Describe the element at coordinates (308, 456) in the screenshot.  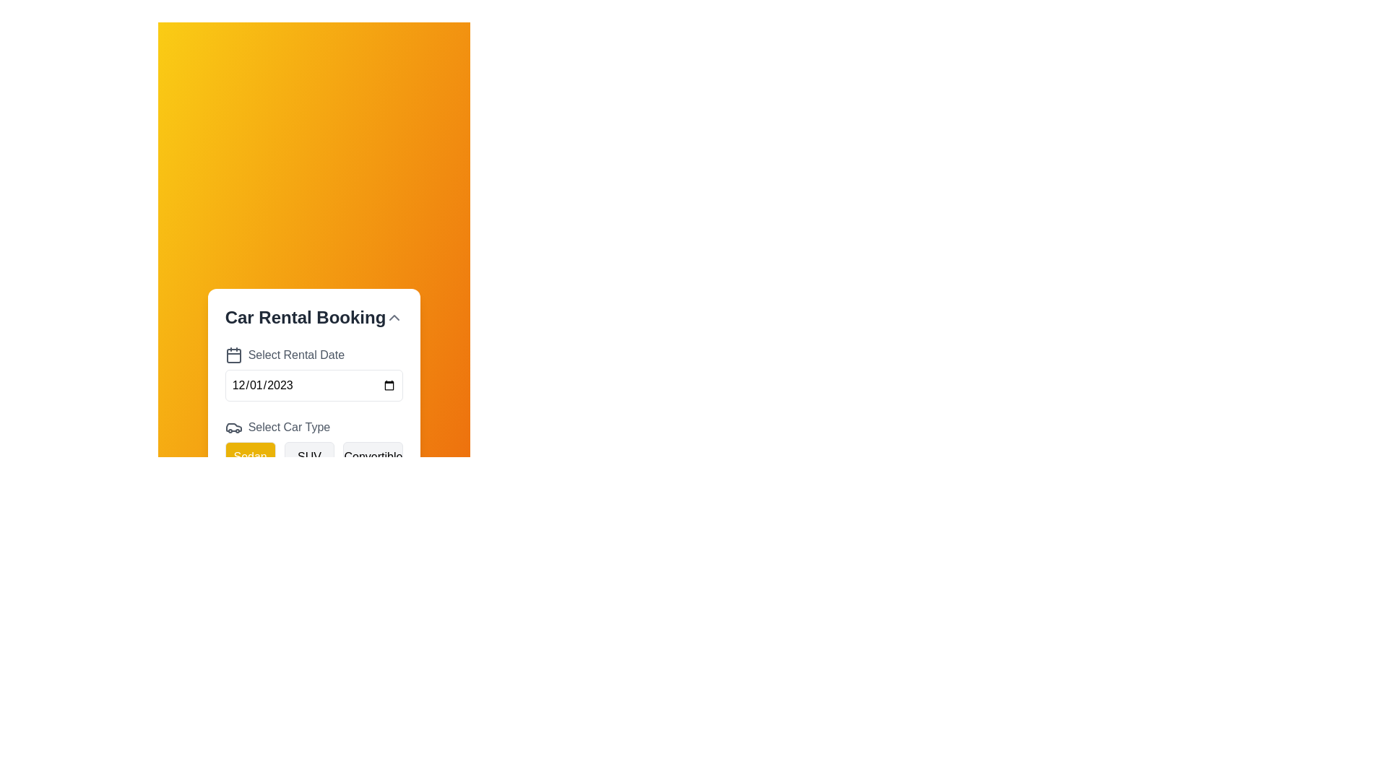
I see `the 'SUV' car type button, which is the second button in a row of three under the 'Select Car Type' label` at that location.